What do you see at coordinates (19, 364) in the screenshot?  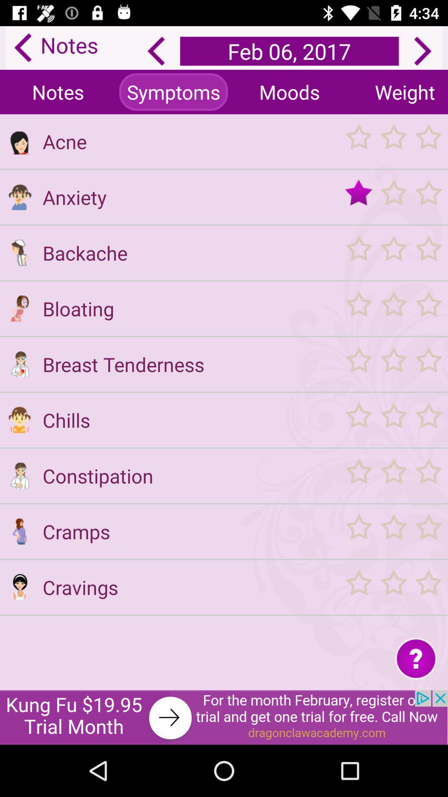 I see `breast tenderness option` at bounding box center [19, 364].